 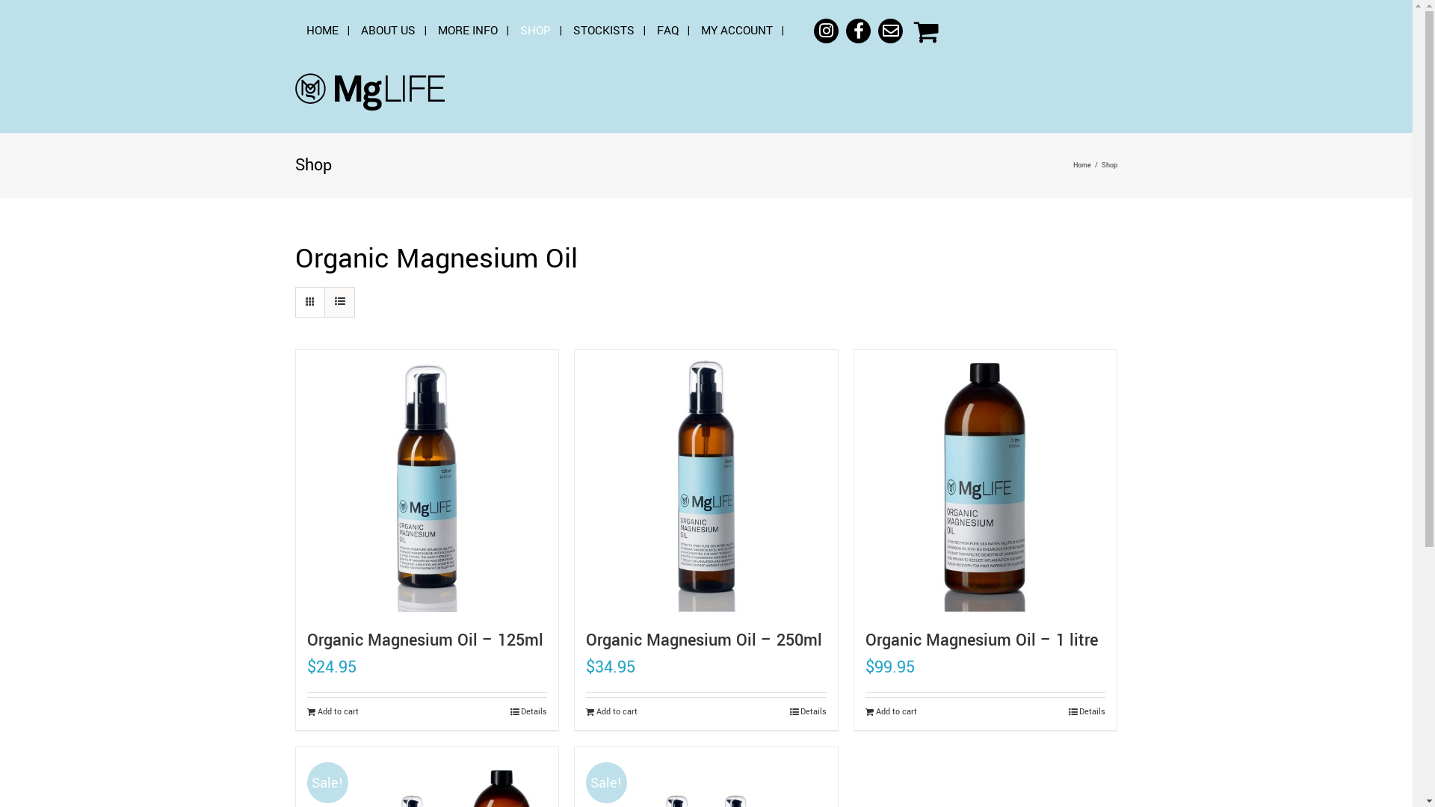 I want to click on 'STOCKISTS', so click(x=603, y=31).